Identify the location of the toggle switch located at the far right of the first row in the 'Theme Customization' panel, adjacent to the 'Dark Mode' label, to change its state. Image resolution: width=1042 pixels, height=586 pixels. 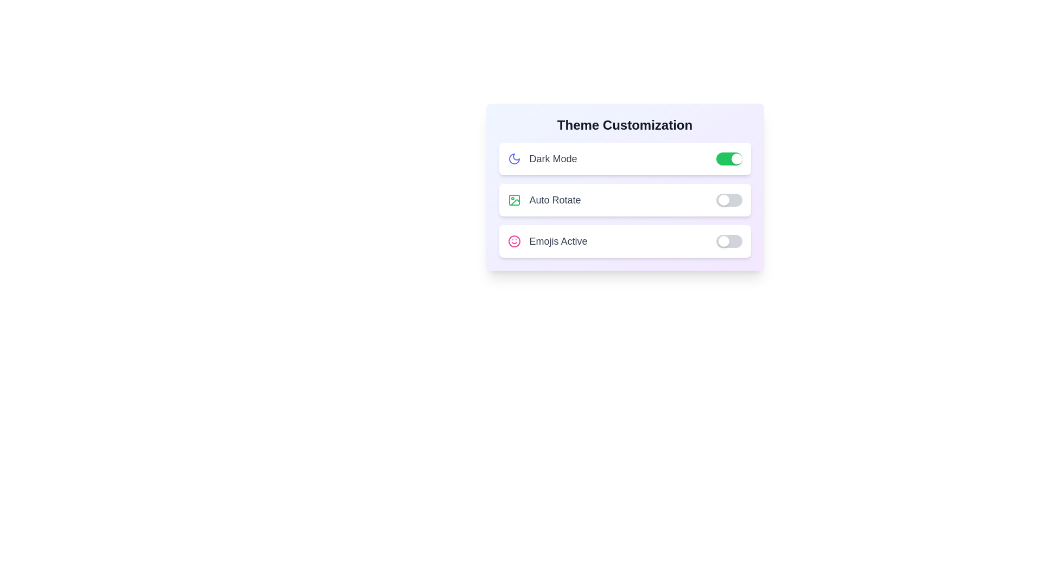
(729, 159).